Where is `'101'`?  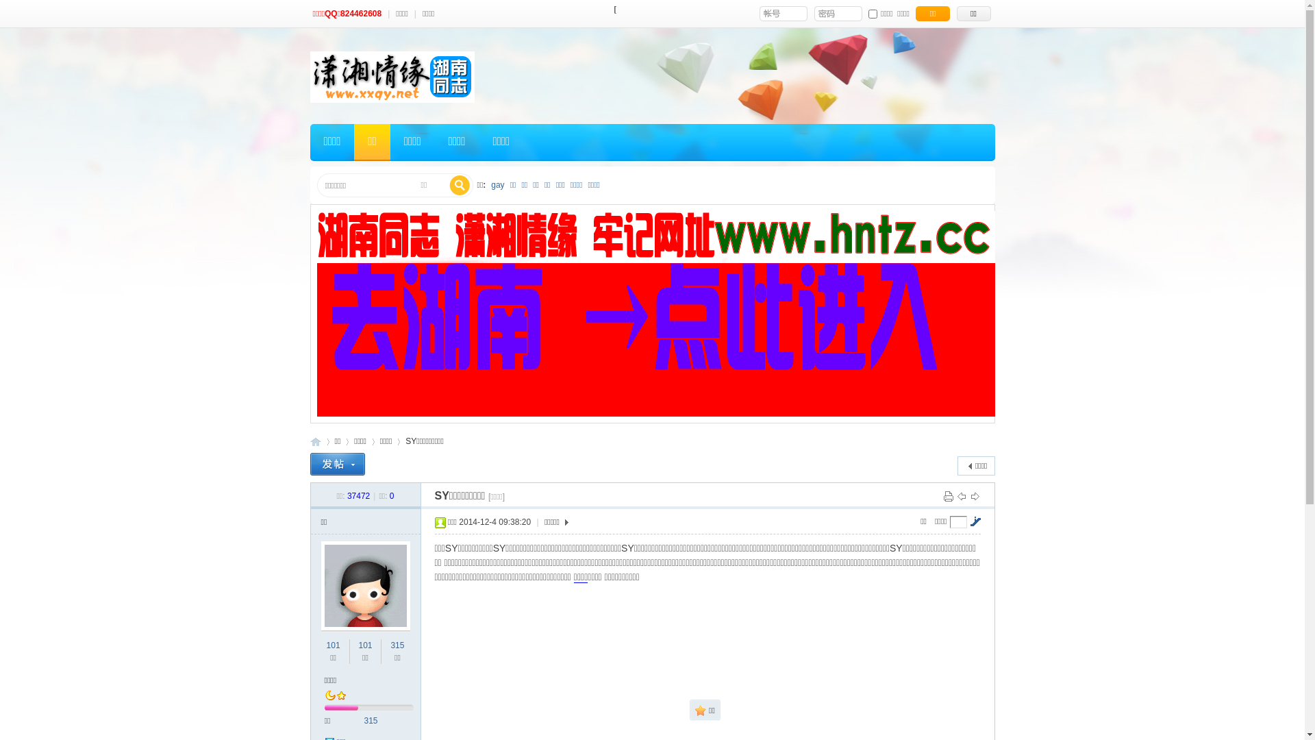 '101' is located at coordinates (333, 645).